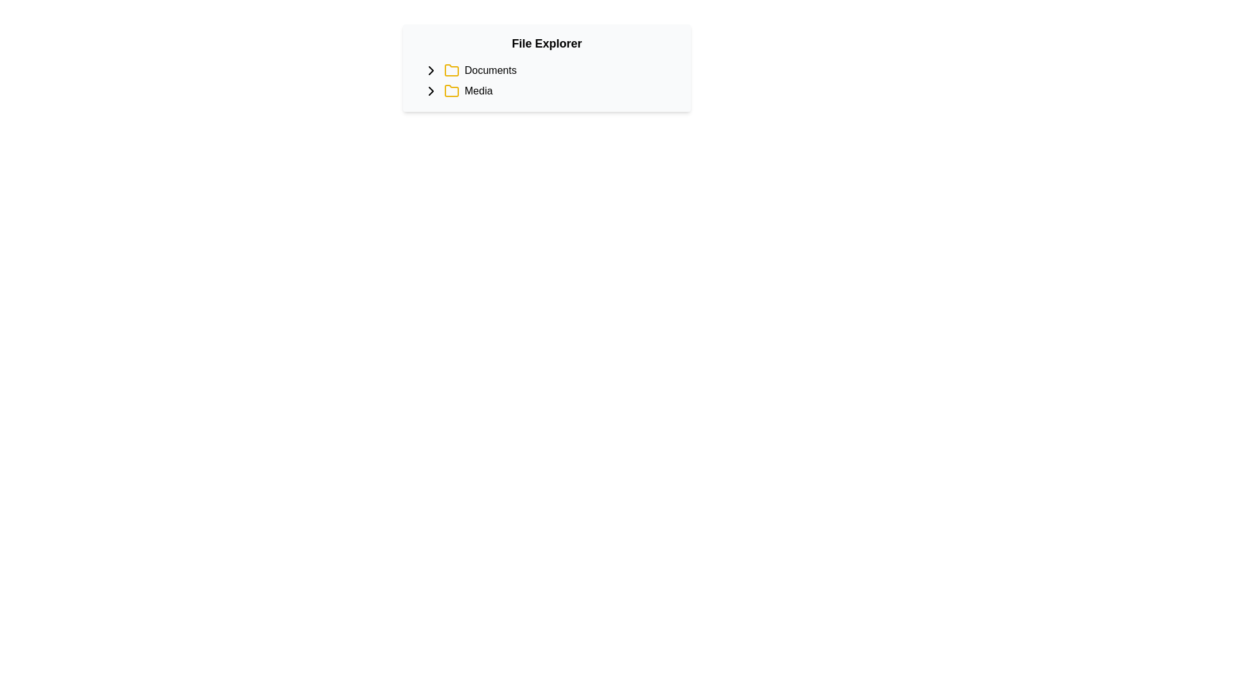 The height and width of the screenshot is (694, 1234). What do you see at coordinates (451, 91) in the screenshot?
I see `the folder icon representing the 'Media' entry in the file explorer interface, which is the second visual element from the left in the grouping with a chevron icon and text label` at bounding box center [451, 91].